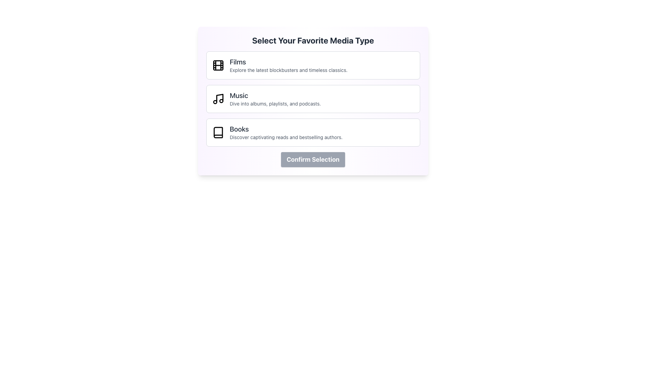 This screenshot has height=370, width=658. Describe the element at coordinates (289, 70) in the screenshot. I see `the text label that reads 'Explore the latest blockbusters and timeless classics.' which is located below the 'Films' header` at that location.